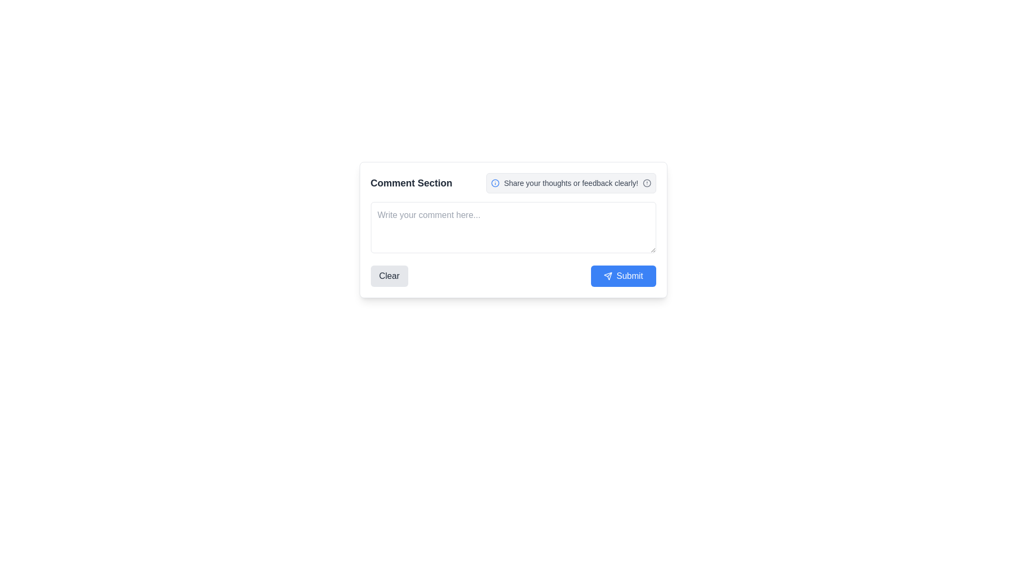  I want to click on the 'Submit' button located at the bottom-right corner of the comment input box, so click(623, 275).